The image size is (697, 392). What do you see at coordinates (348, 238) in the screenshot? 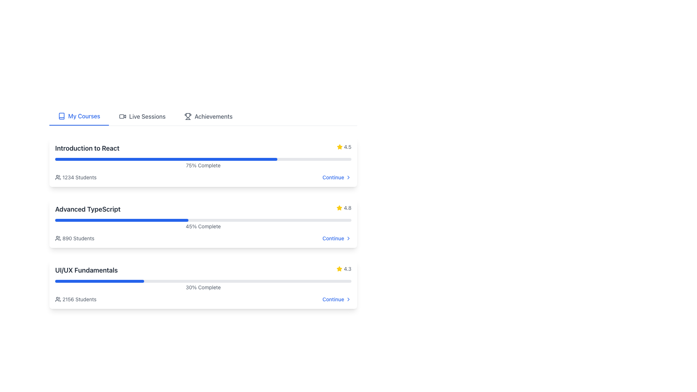
I see `the rightward-pointing chevron icon located next to the 'Continue' text in the 'Advanced TypeScript' course row` at bounding box center [348, 238].